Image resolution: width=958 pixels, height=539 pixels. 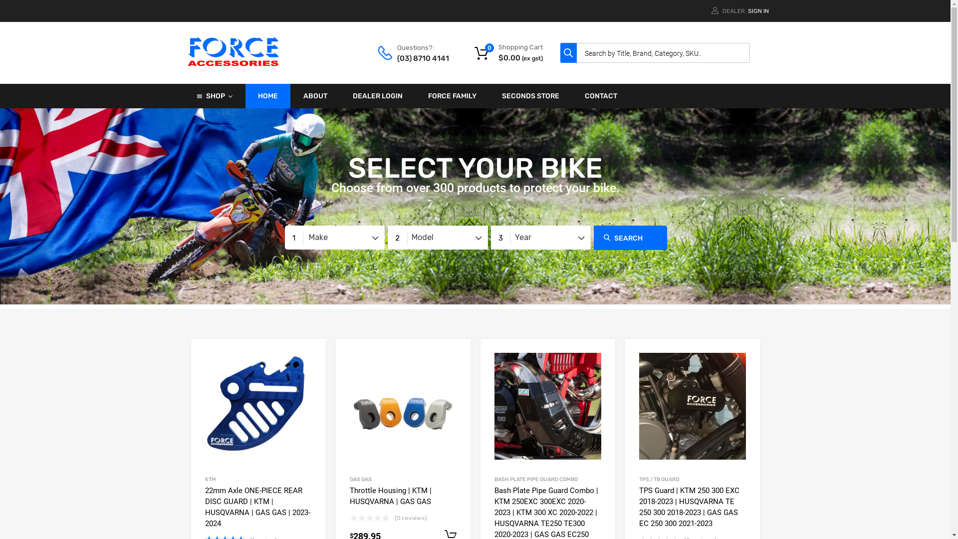 What do you see at coordinates (437, 237) in the screenshot?
I see `'Model'` at bounding box center [437, 237].